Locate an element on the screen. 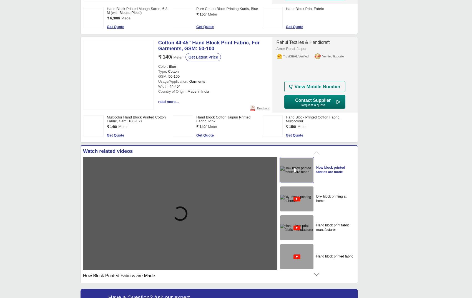 The image size is (472, 298). 'Get Latest Price' is located at coordinates (203, 57).